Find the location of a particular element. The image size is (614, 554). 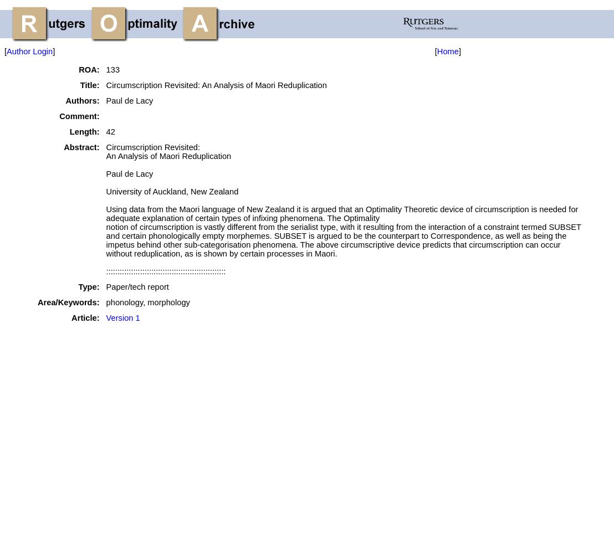

'Type:' is located at coordinates (88, 287).